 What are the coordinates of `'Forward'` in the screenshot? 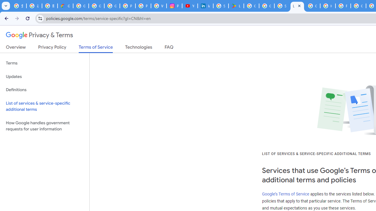 It's located at (17, 18).